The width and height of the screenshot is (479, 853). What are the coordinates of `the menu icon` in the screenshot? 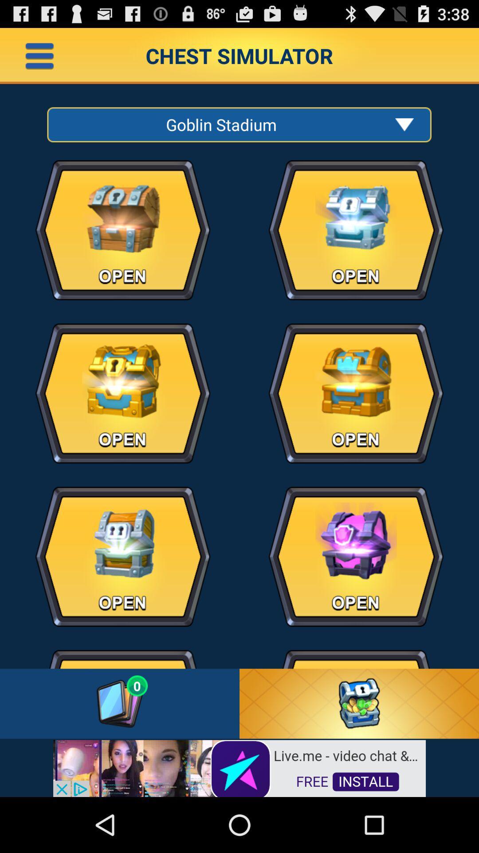 It's located at (39, 59).